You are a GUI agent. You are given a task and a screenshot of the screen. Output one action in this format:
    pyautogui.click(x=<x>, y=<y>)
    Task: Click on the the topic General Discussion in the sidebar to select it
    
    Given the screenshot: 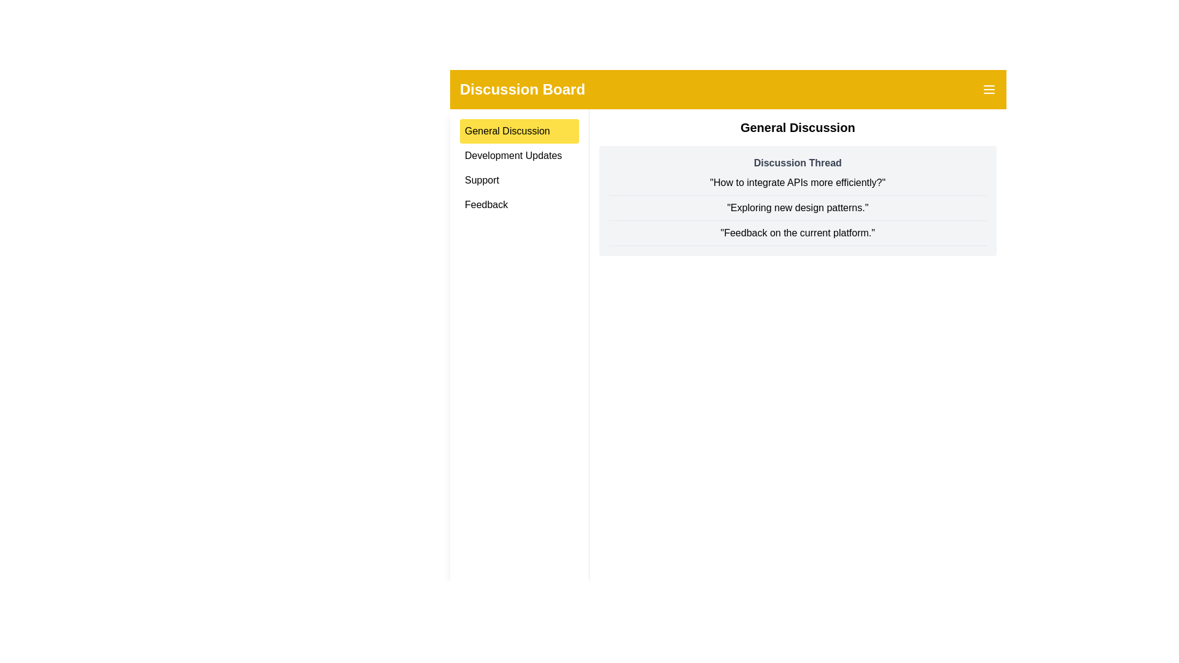 What is the action you would take?
    pyautogui.click(x=519, y=131)
    